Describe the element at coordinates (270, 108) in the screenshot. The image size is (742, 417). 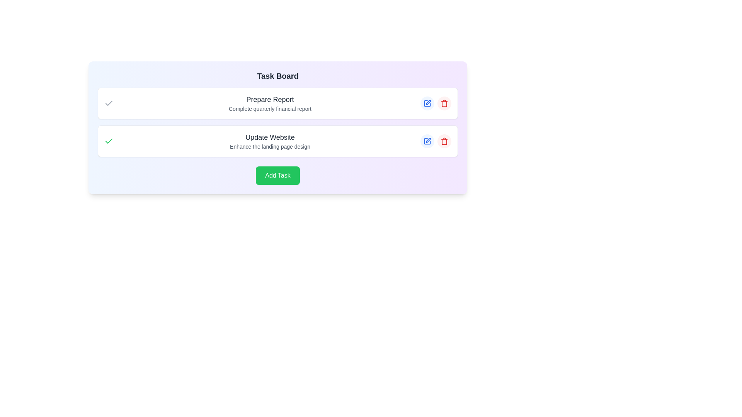
I see `the static text element providing additional details about the 'Prepare Report' task, which is positioned below the task header` at that location.